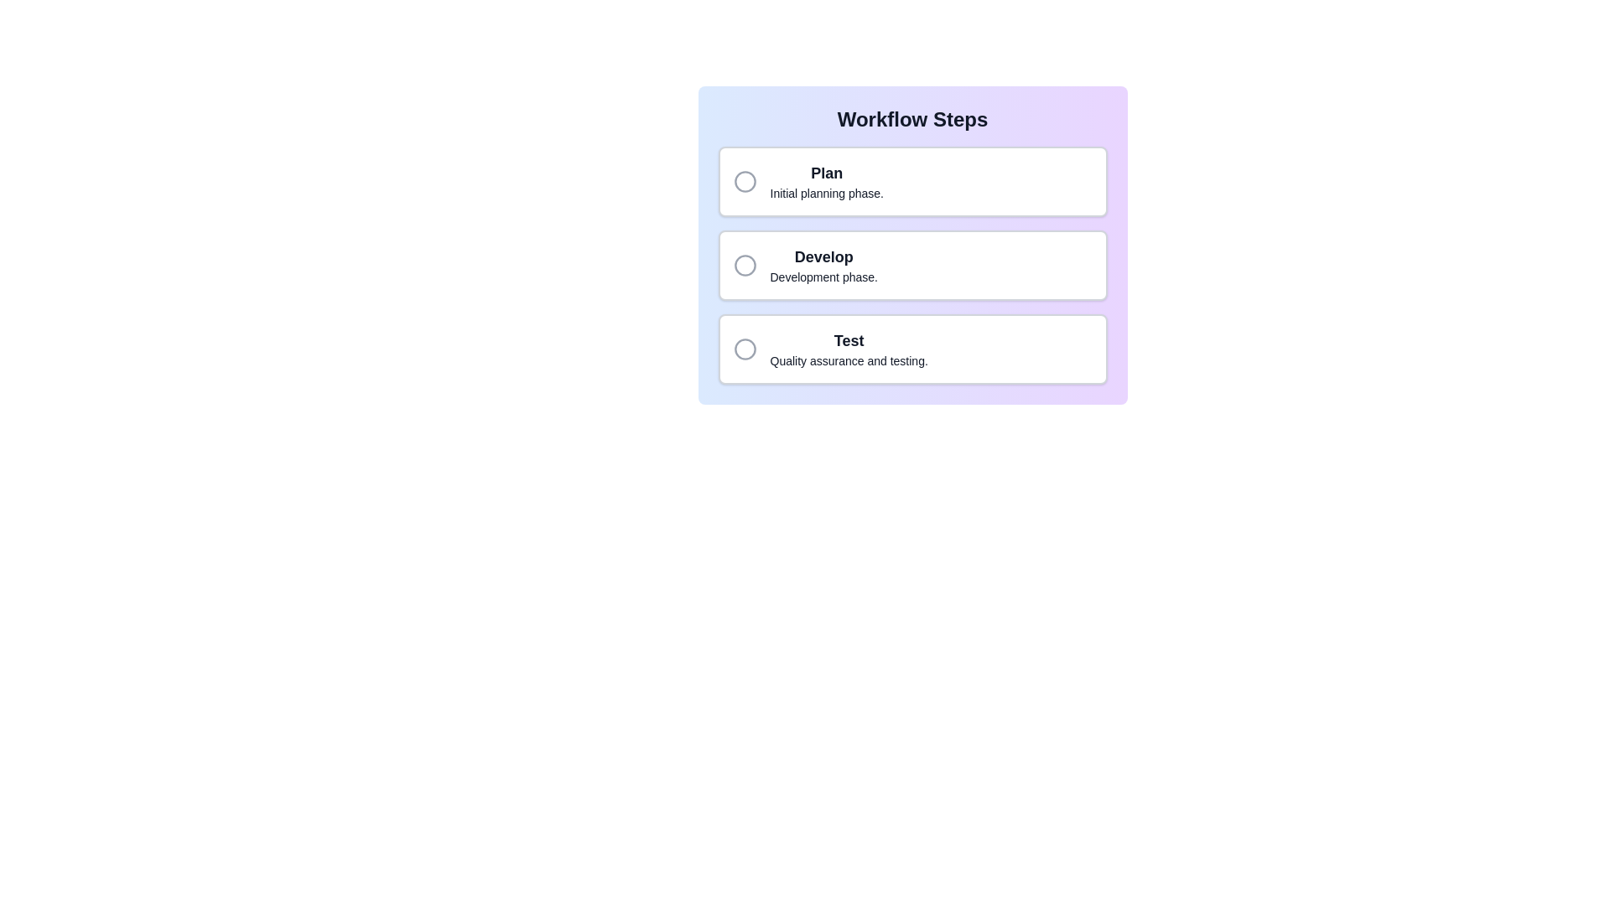 Image resolution: width=1610 pixels, height=905 pixels. What do you see at coordinates (911, 181) in the screenshot?
I see `the first radio button in the vertical list` at bounding box center [911, 181].